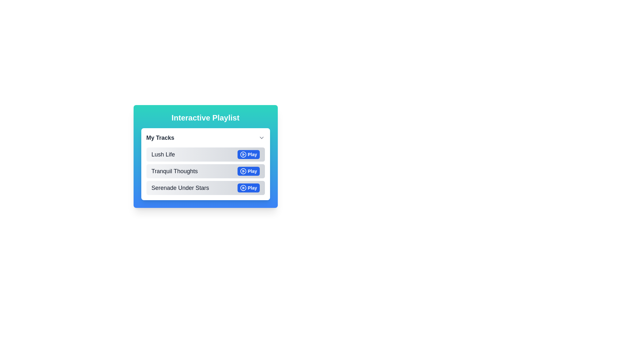 This screenshot has width=618, height=347. What do you see at coordinates (261, 137) in the screenshot?
I see `the dropdown trigger icon located on the far right of the 'My Tracks' header section` at bounding box center [261, 137].